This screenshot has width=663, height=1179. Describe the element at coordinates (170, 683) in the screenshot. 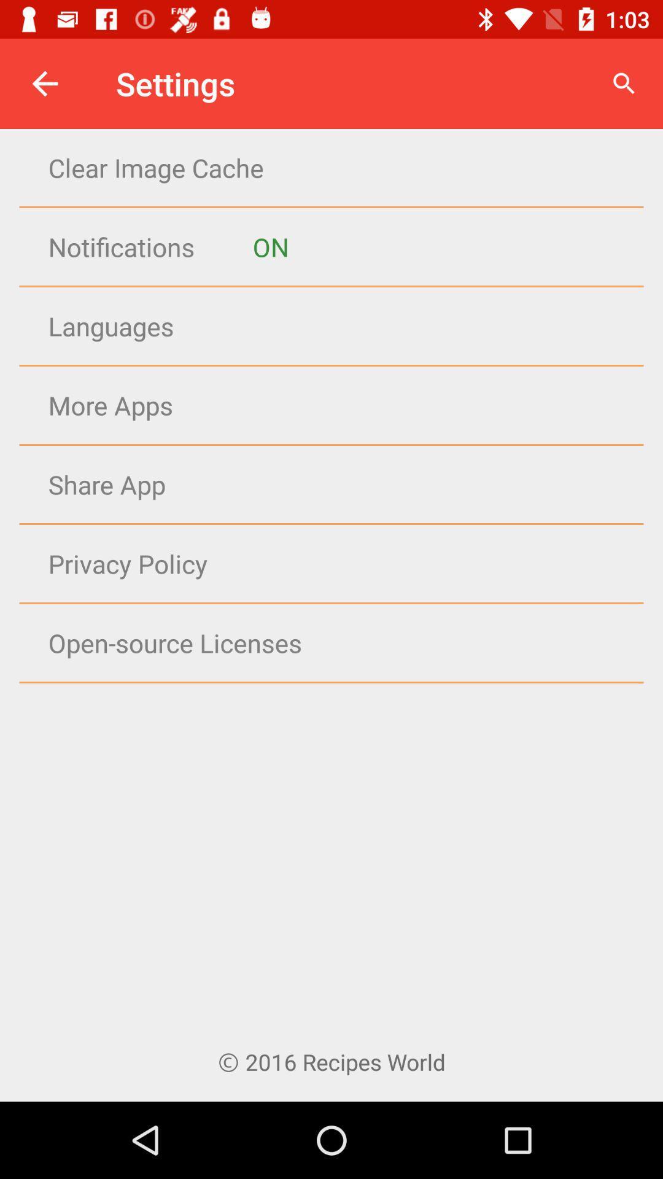

I see `last option under the header text` at that location.